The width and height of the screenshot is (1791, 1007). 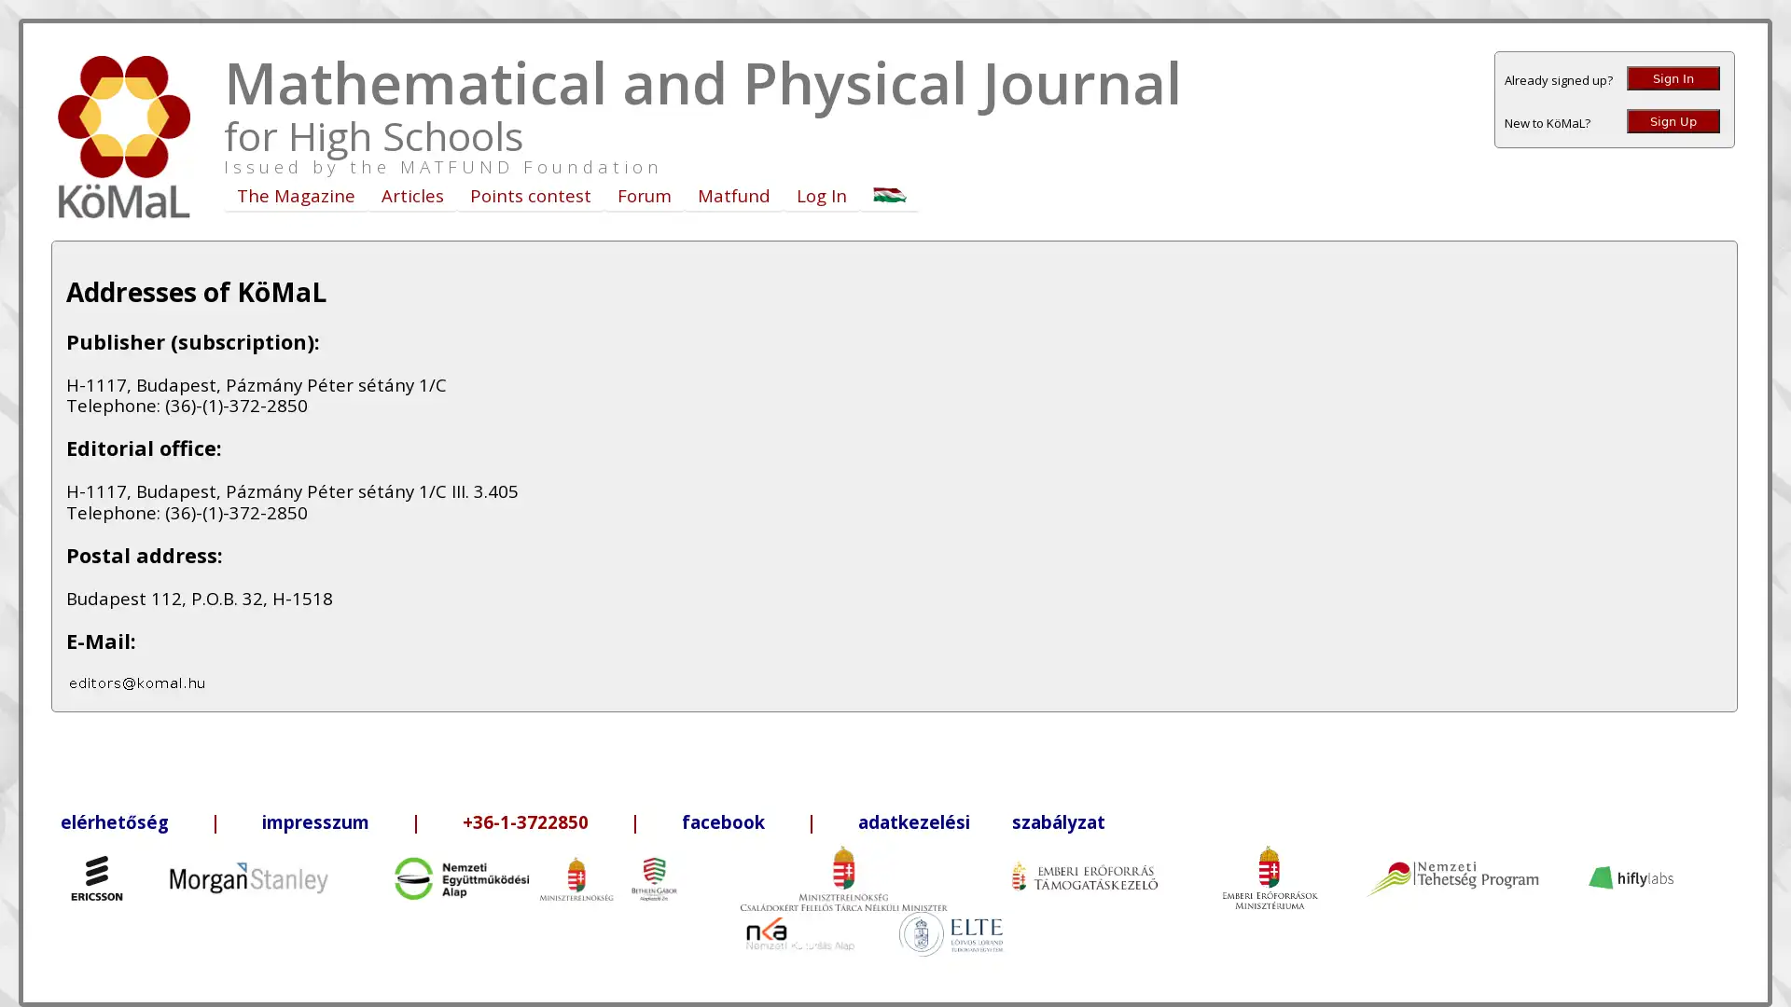 What do you see at coordinates (1673, 77) in the screenshot?
I see `Sign In` at bounding box center [1673, 77].